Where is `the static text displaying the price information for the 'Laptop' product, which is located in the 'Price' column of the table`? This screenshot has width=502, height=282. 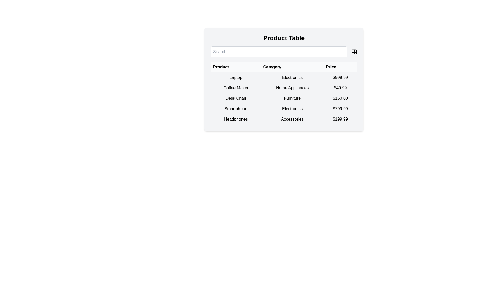
the static text displaying the price information for the 'Laptop' product, which is located in the 'Price' column of the table is located at coordinates (340, 78).